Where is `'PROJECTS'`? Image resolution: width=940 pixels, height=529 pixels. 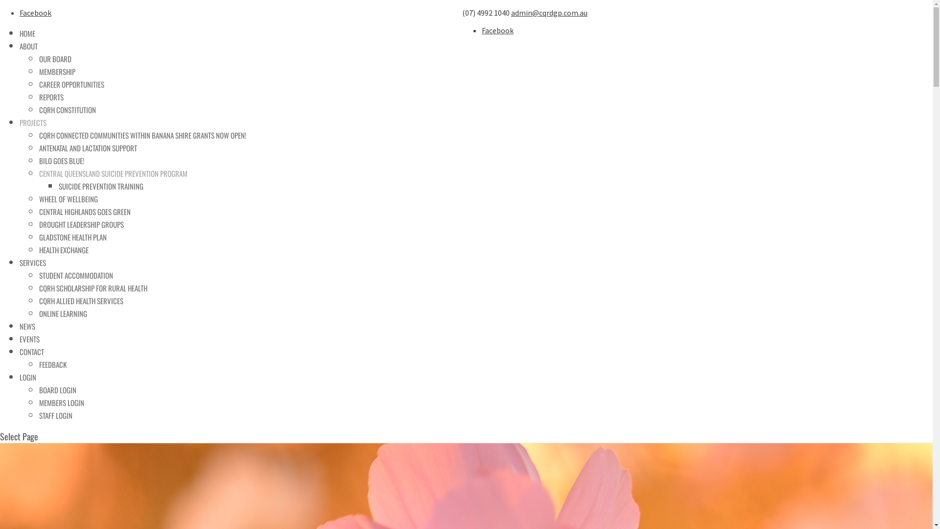
'PROJECTS' is located at coordinates (33, 122).